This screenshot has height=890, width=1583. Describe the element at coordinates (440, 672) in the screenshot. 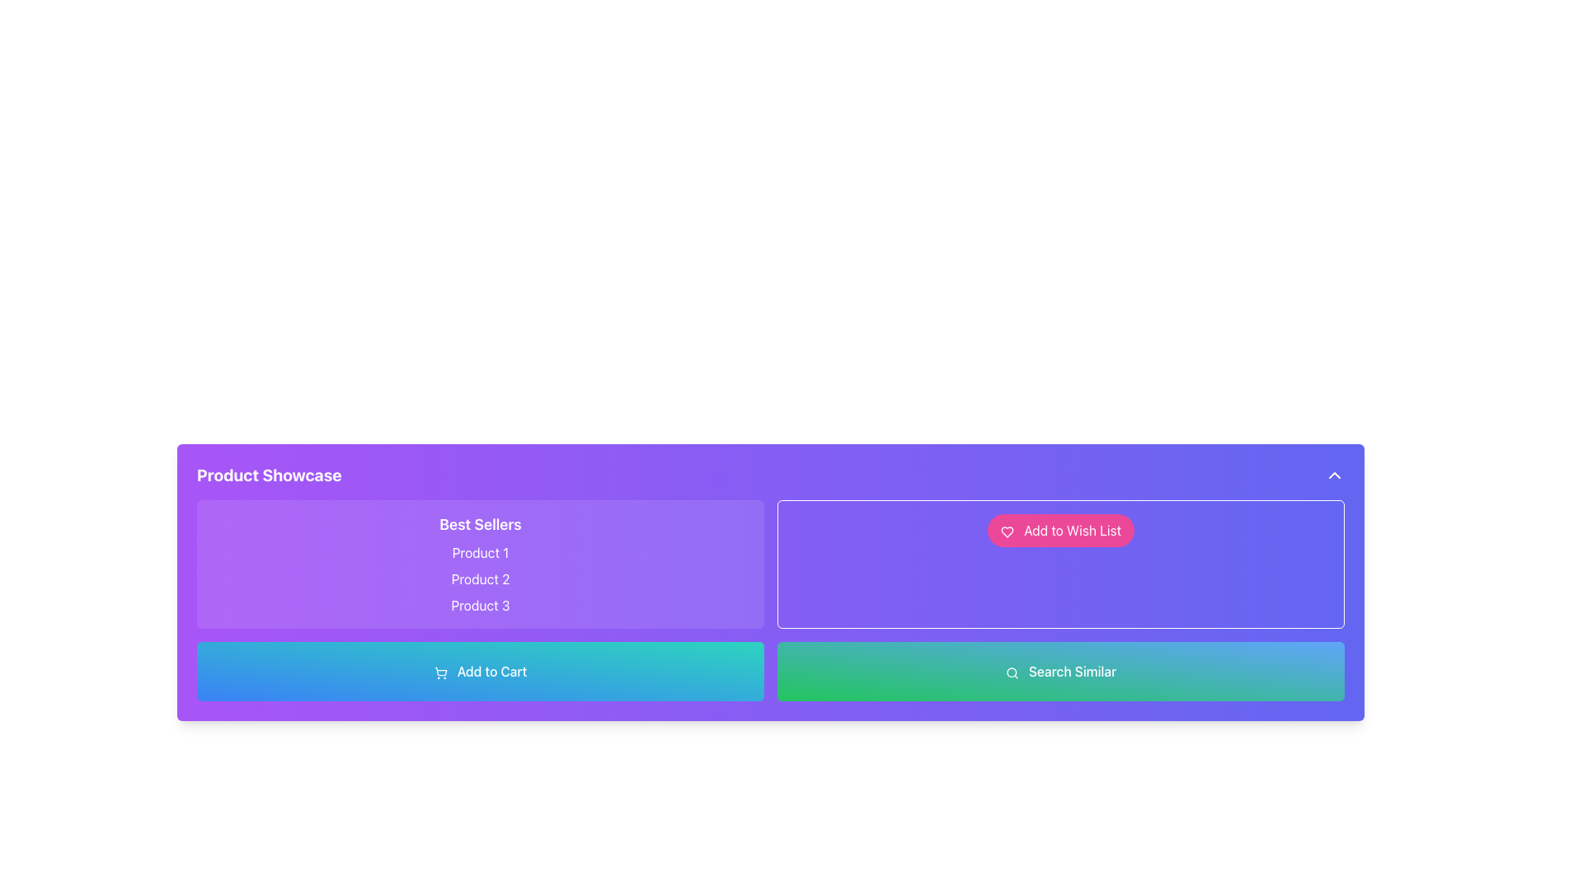

I see `the shopping cart icon located to the left of the 'Add to Cart' text` at that location.